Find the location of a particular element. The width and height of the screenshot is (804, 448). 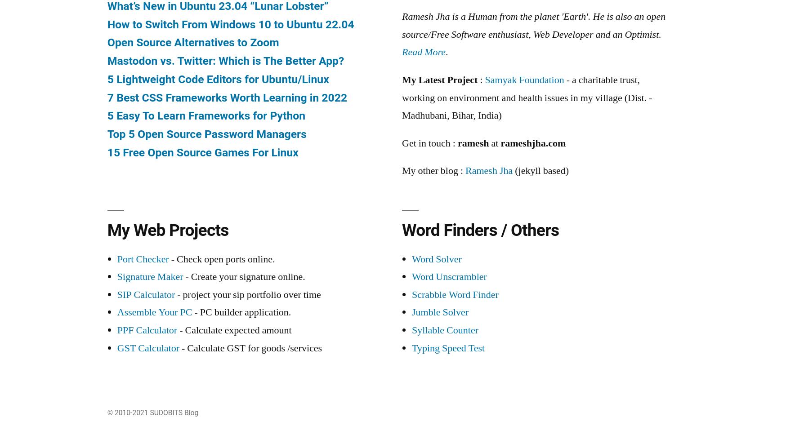

'© 2010-2021' is located at coordinates (128, 413).